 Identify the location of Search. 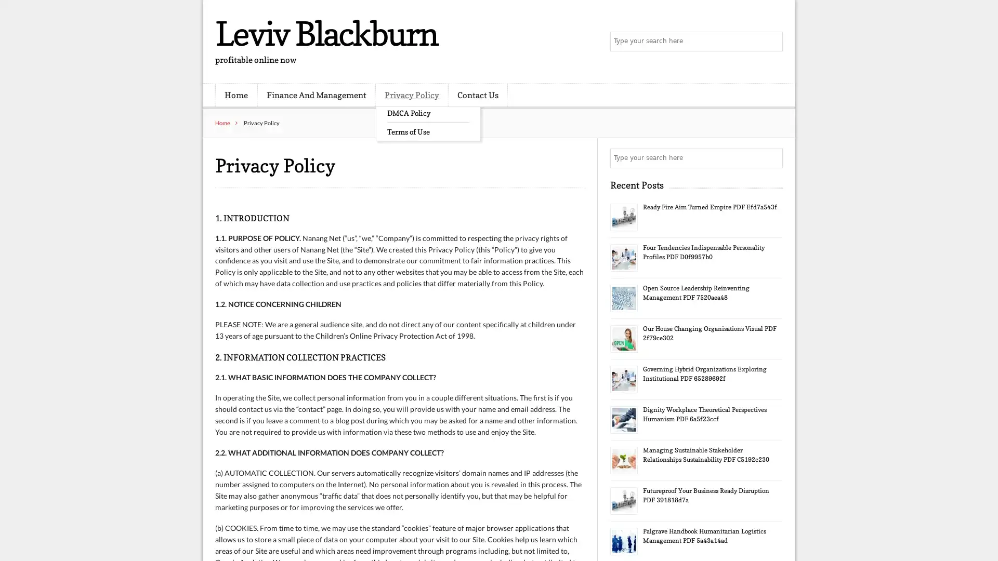
(772, 158).